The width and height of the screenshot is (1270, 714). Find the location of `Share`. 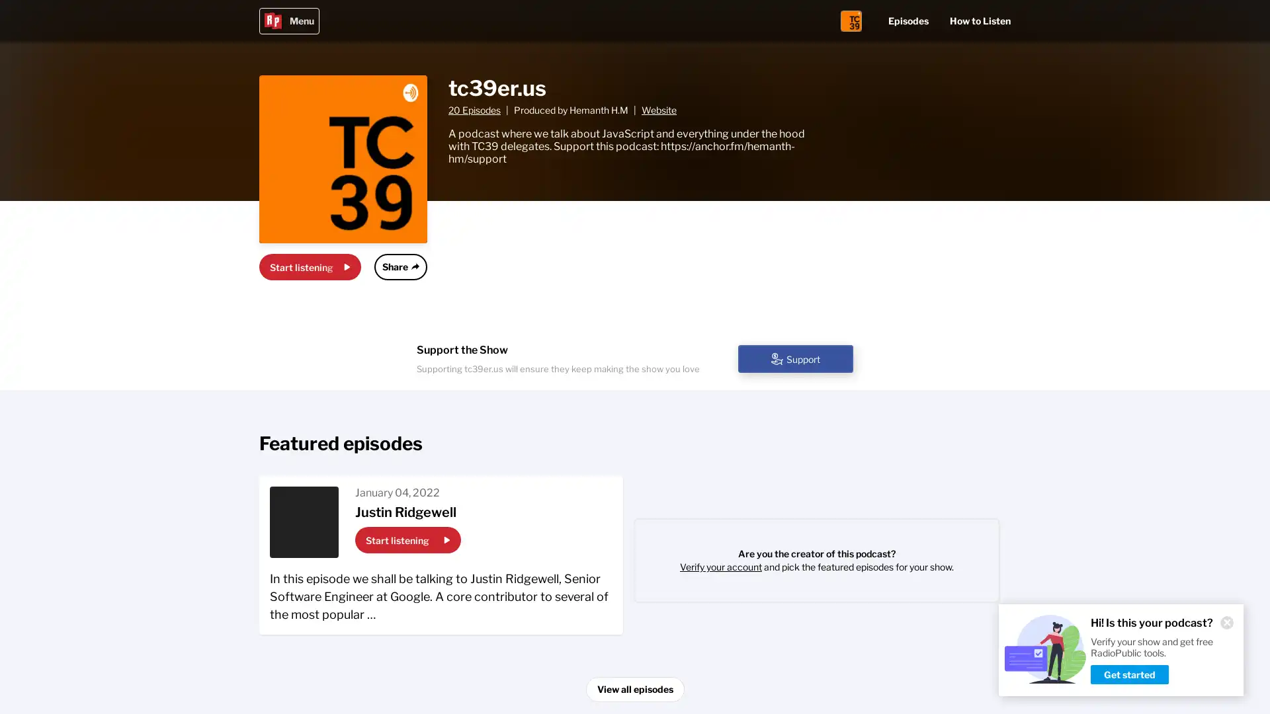

Share is located at coordinates (400, 267).